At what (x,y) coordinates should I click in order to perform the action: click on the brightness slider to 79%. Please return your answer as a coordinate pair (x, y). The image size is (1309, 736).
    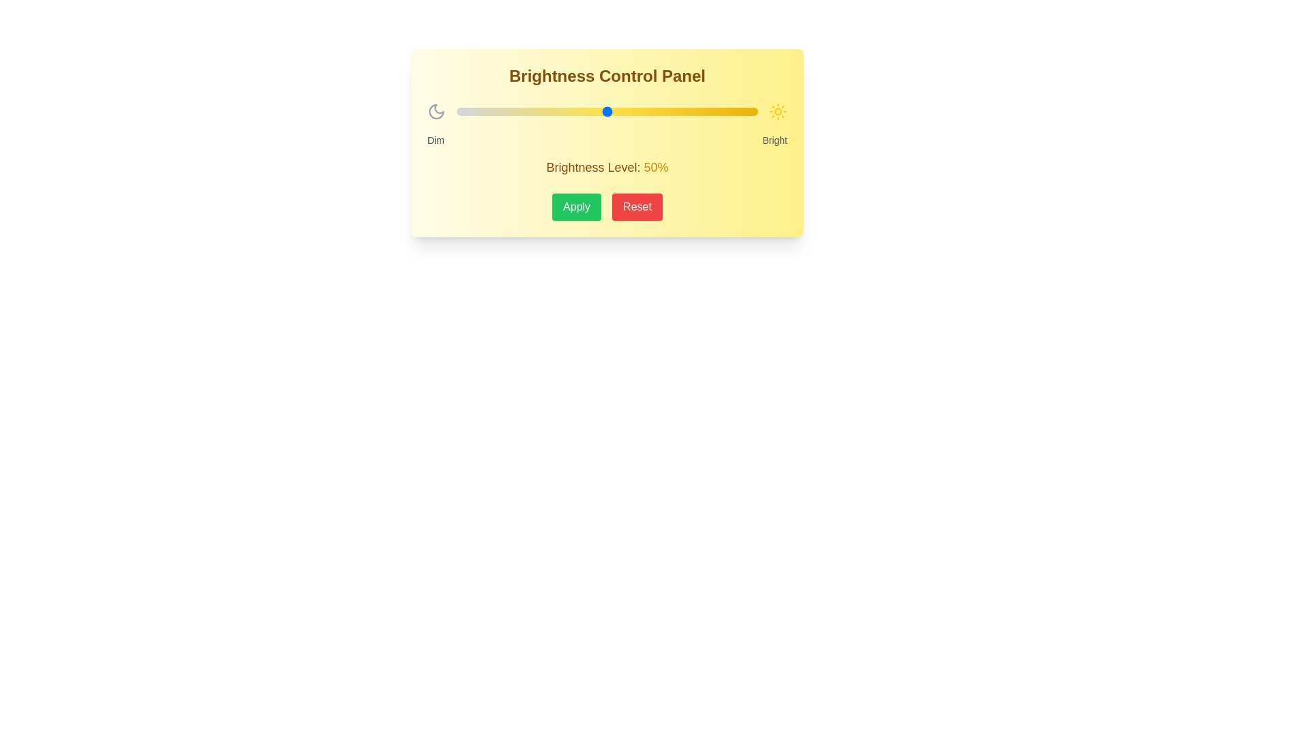
    Looking at the image, I should click on (695, 111).